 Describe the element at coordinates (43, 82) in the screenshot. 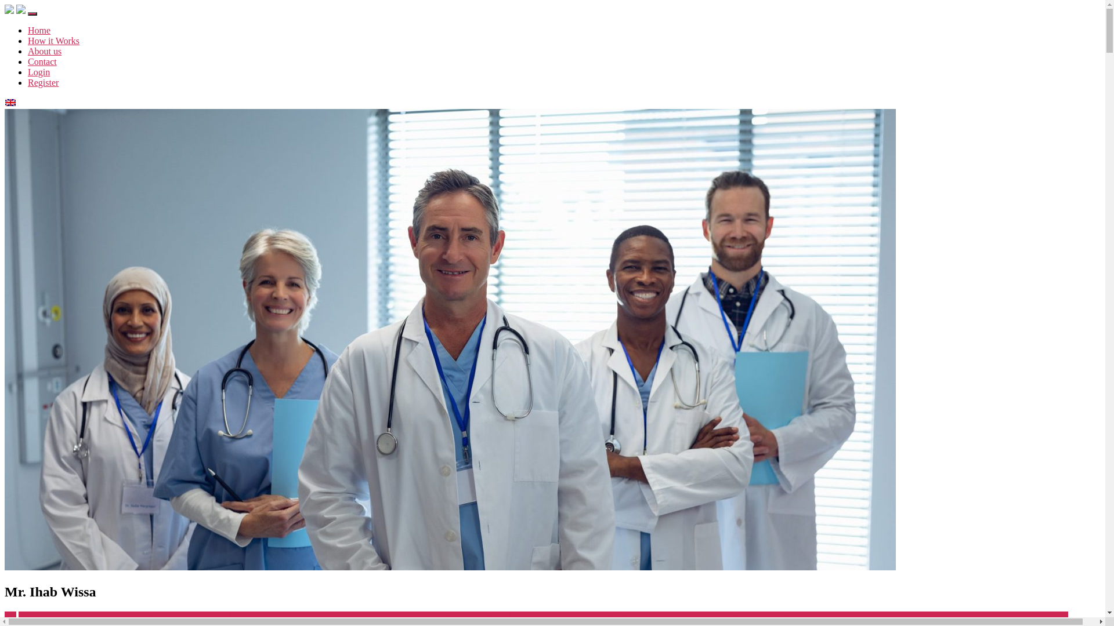

I see `'Register'` at that location.